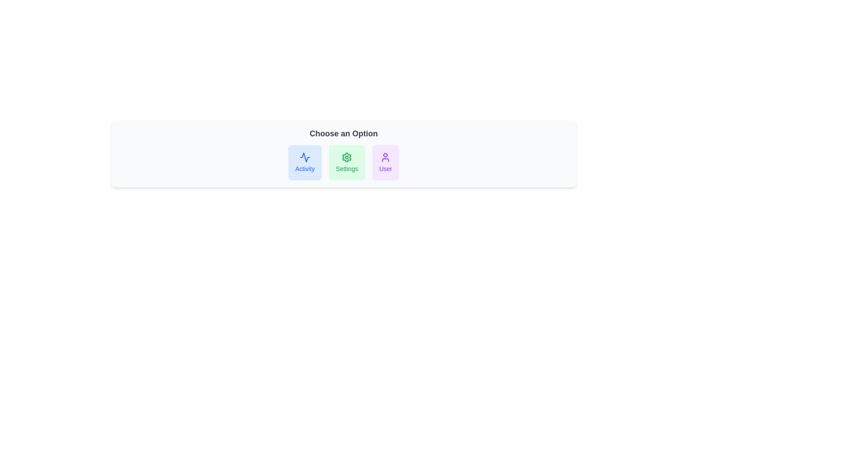 The height and width of the screenshot is (475, 844). Describe the element at coordinates (343, 163) in the screenshot. I see `the green settings button in the Button Group` at that location.